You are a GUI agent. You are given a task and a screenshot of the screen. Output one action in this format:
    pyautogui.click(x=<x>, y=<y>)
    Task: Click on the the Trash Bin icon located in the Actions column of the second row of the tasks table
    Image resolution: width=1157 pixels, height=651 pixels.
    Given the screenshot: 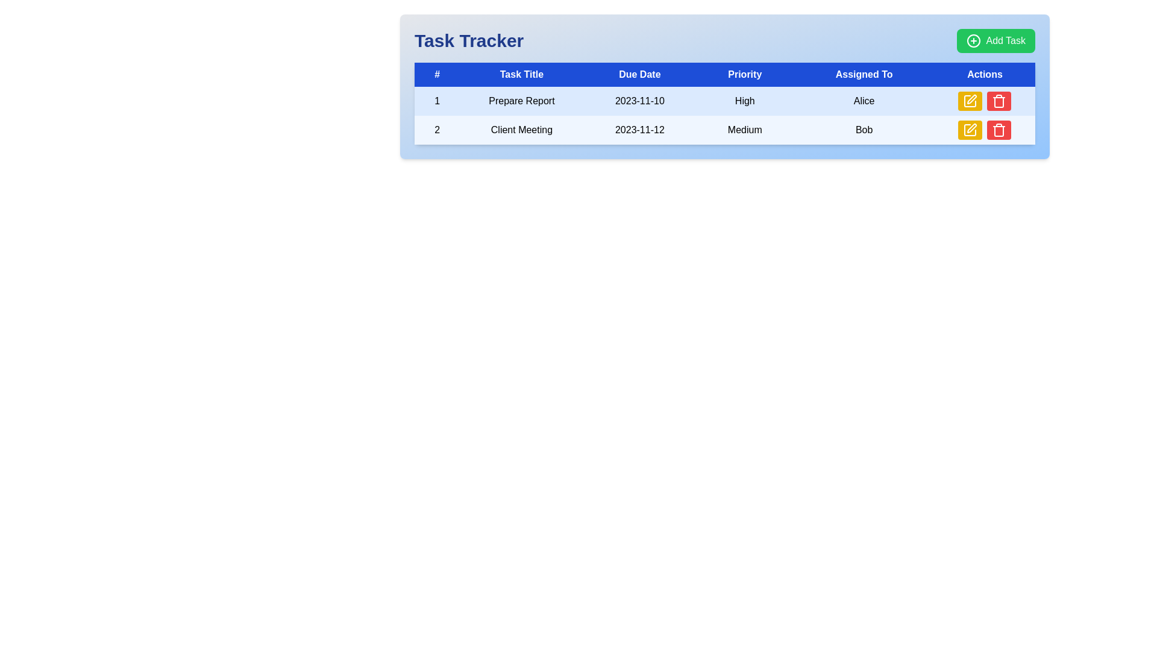 What is the action you would take?
    pyautogui.click(x=999, y=101)
    